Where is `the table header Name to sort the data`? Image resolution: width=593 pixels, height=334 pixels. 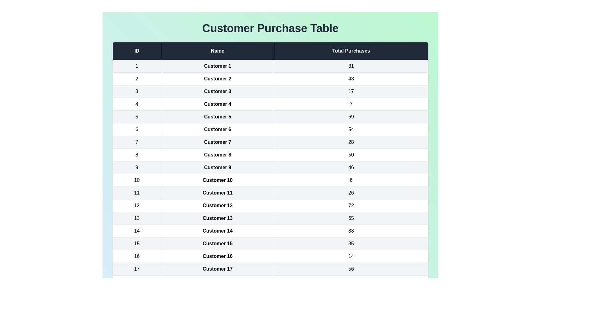 the table header Name to sort the data is located at coordinates (218, 51).